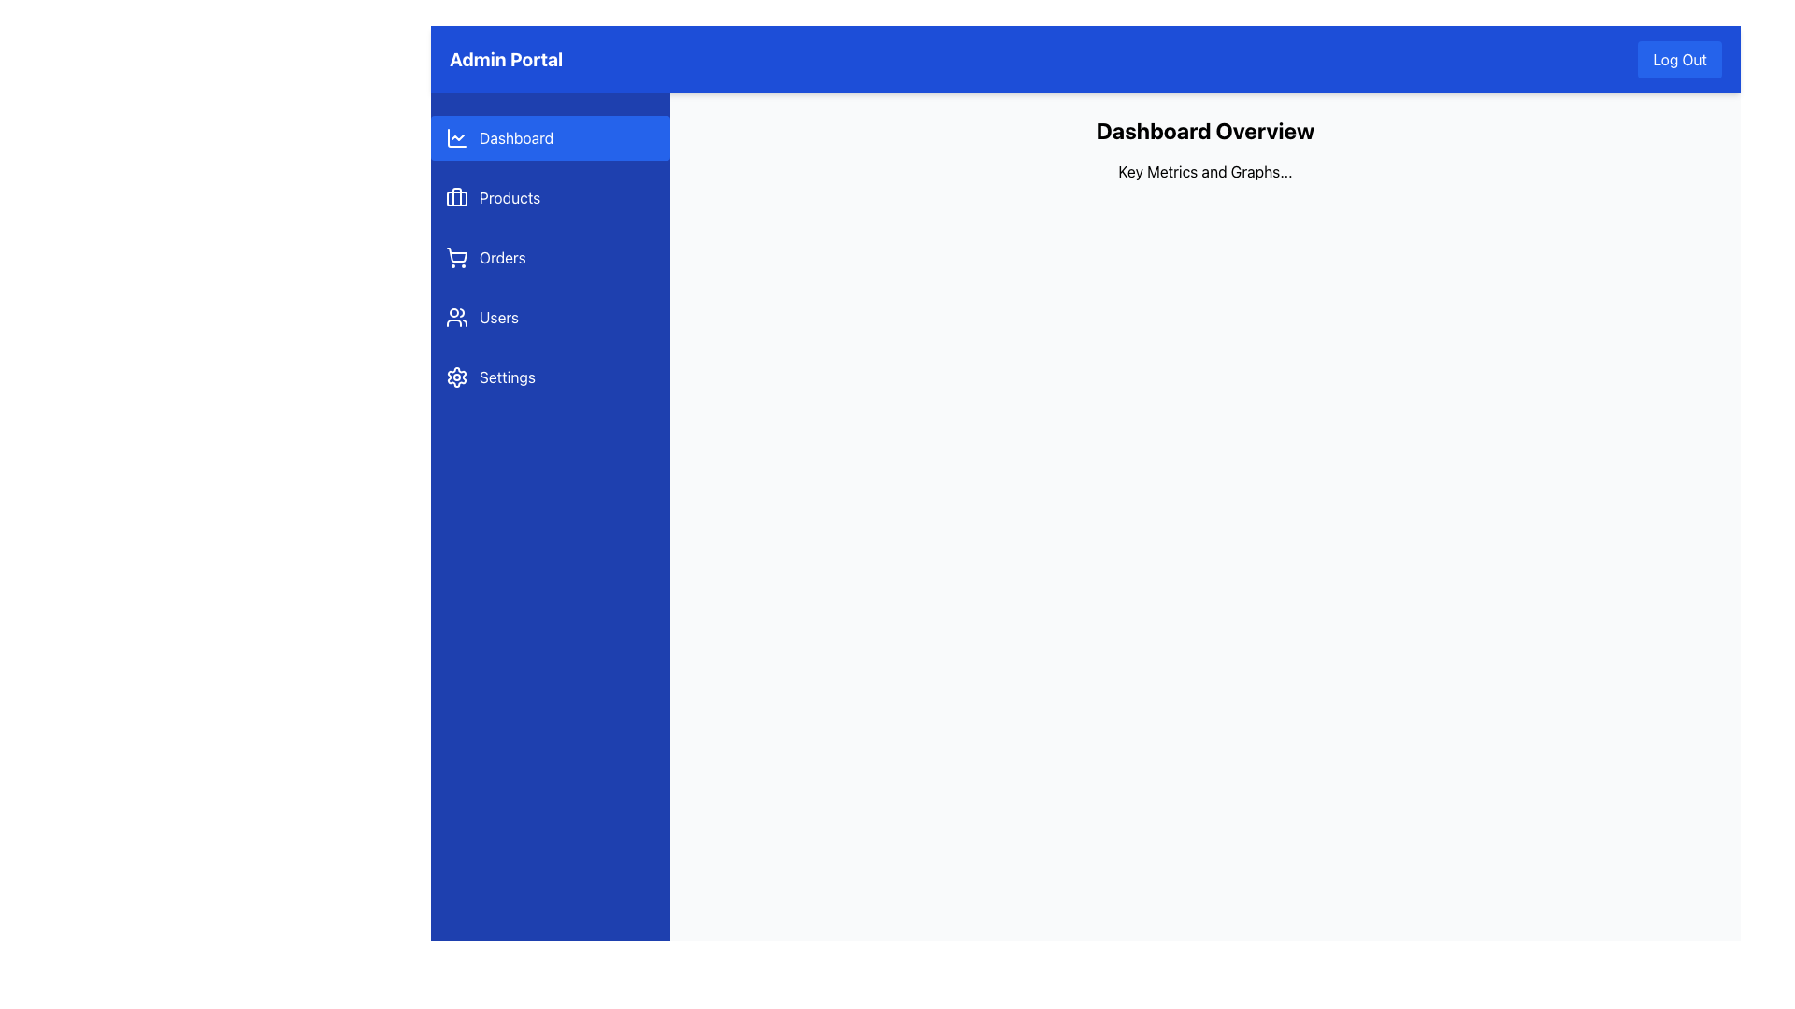  What do you see at coordinates (457, 198) in the screenshot?
I see `the 'Products' icon in the navigation menu` at bounding box center [457, 198].